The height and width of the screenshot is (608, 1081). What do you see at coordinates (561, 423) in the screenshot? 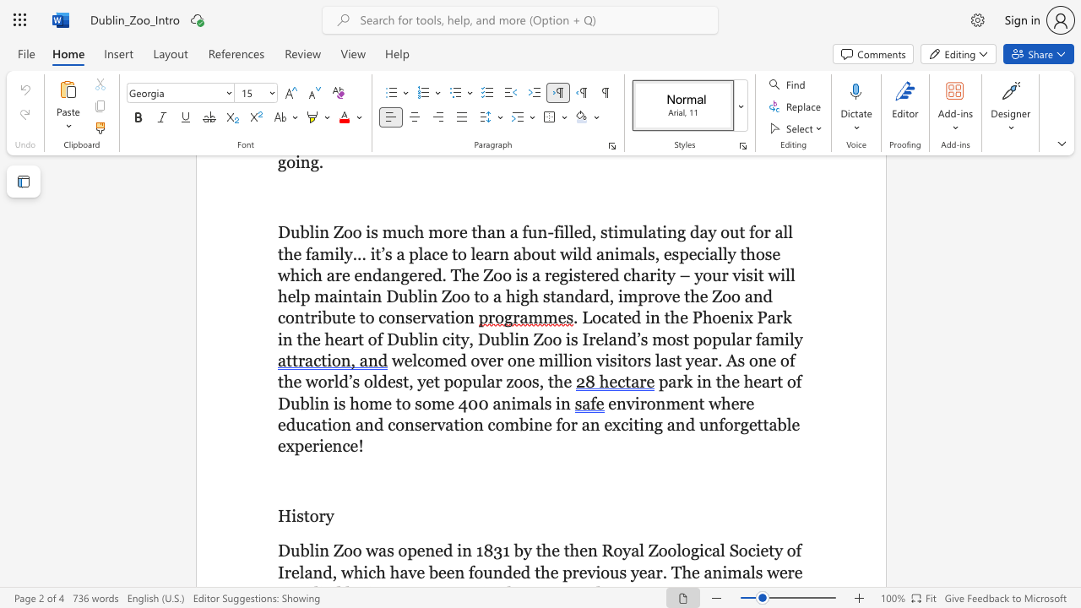
I see `the subset text "or an exciting and unfor" within the text "environment where education and conservation combine for an exciting and unforgettable experience!"` at bounding box center [561, 423].